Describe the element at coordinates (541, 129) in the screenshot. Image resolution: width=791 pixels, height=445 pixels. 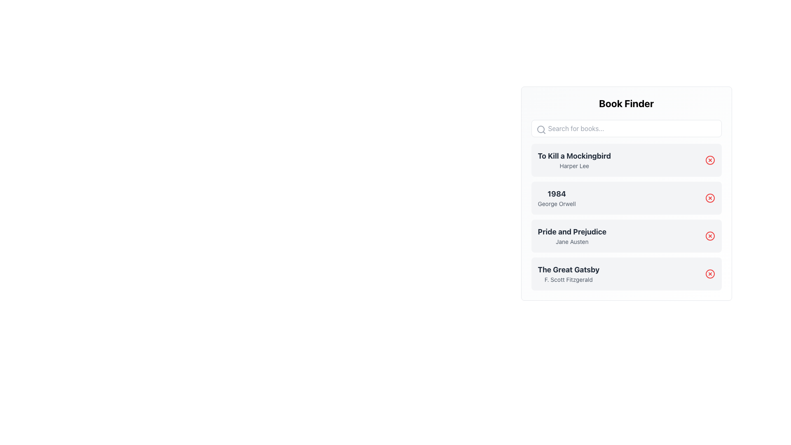
I see `the Circle element that represents the lens in the search icon, located at the left side of the search input field` at that location.